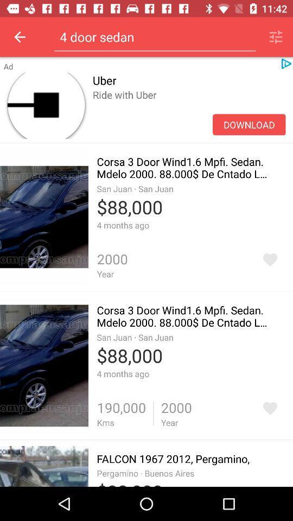 This screenshot has width=293, height=521. I want to click on the ride with uber item, so click(188, 106).